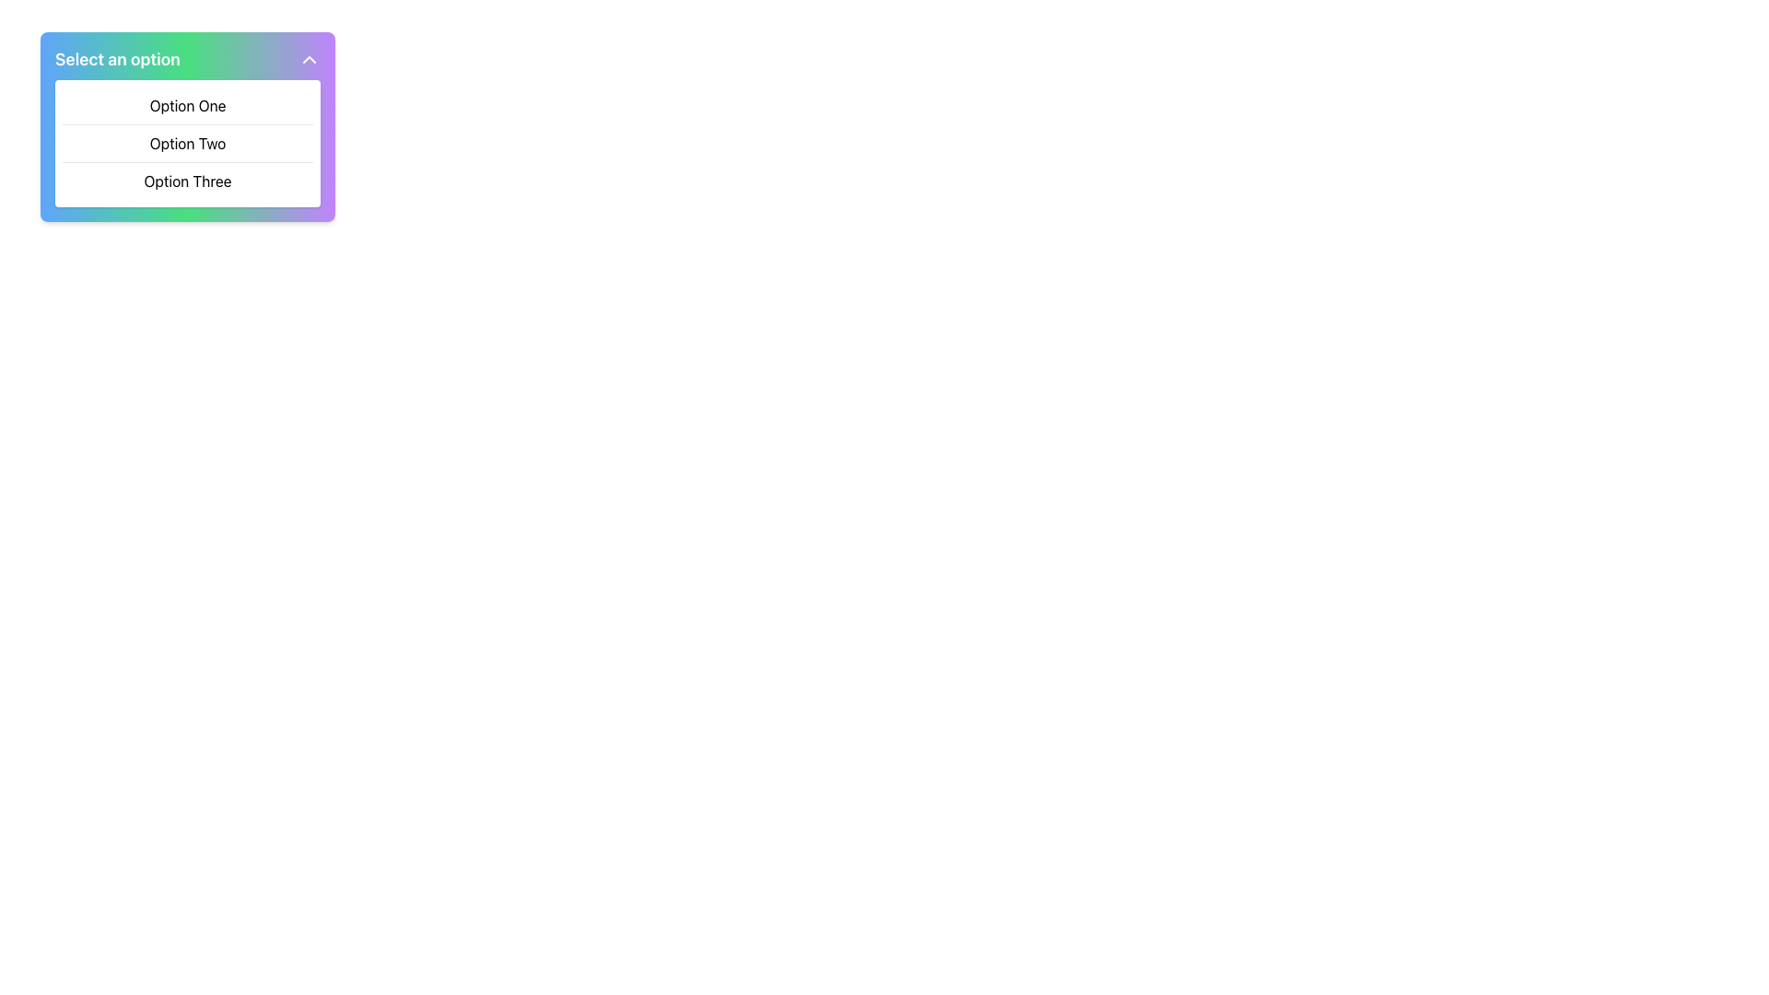  I want to click on the dropdown menu, so click(187, 126).